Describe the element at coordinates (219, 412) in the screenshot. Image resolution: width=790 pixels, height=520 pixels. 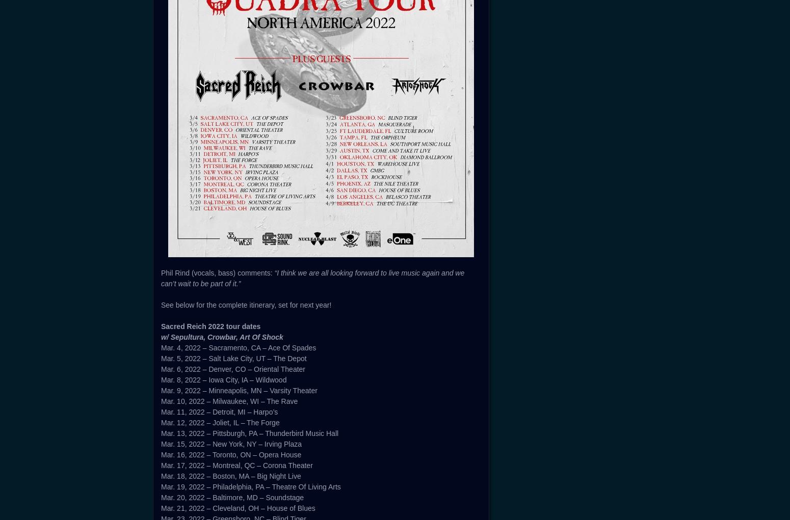
I see `'Mar. 11, 2022 – Detroit, MI – Harpo’s'` at that location.